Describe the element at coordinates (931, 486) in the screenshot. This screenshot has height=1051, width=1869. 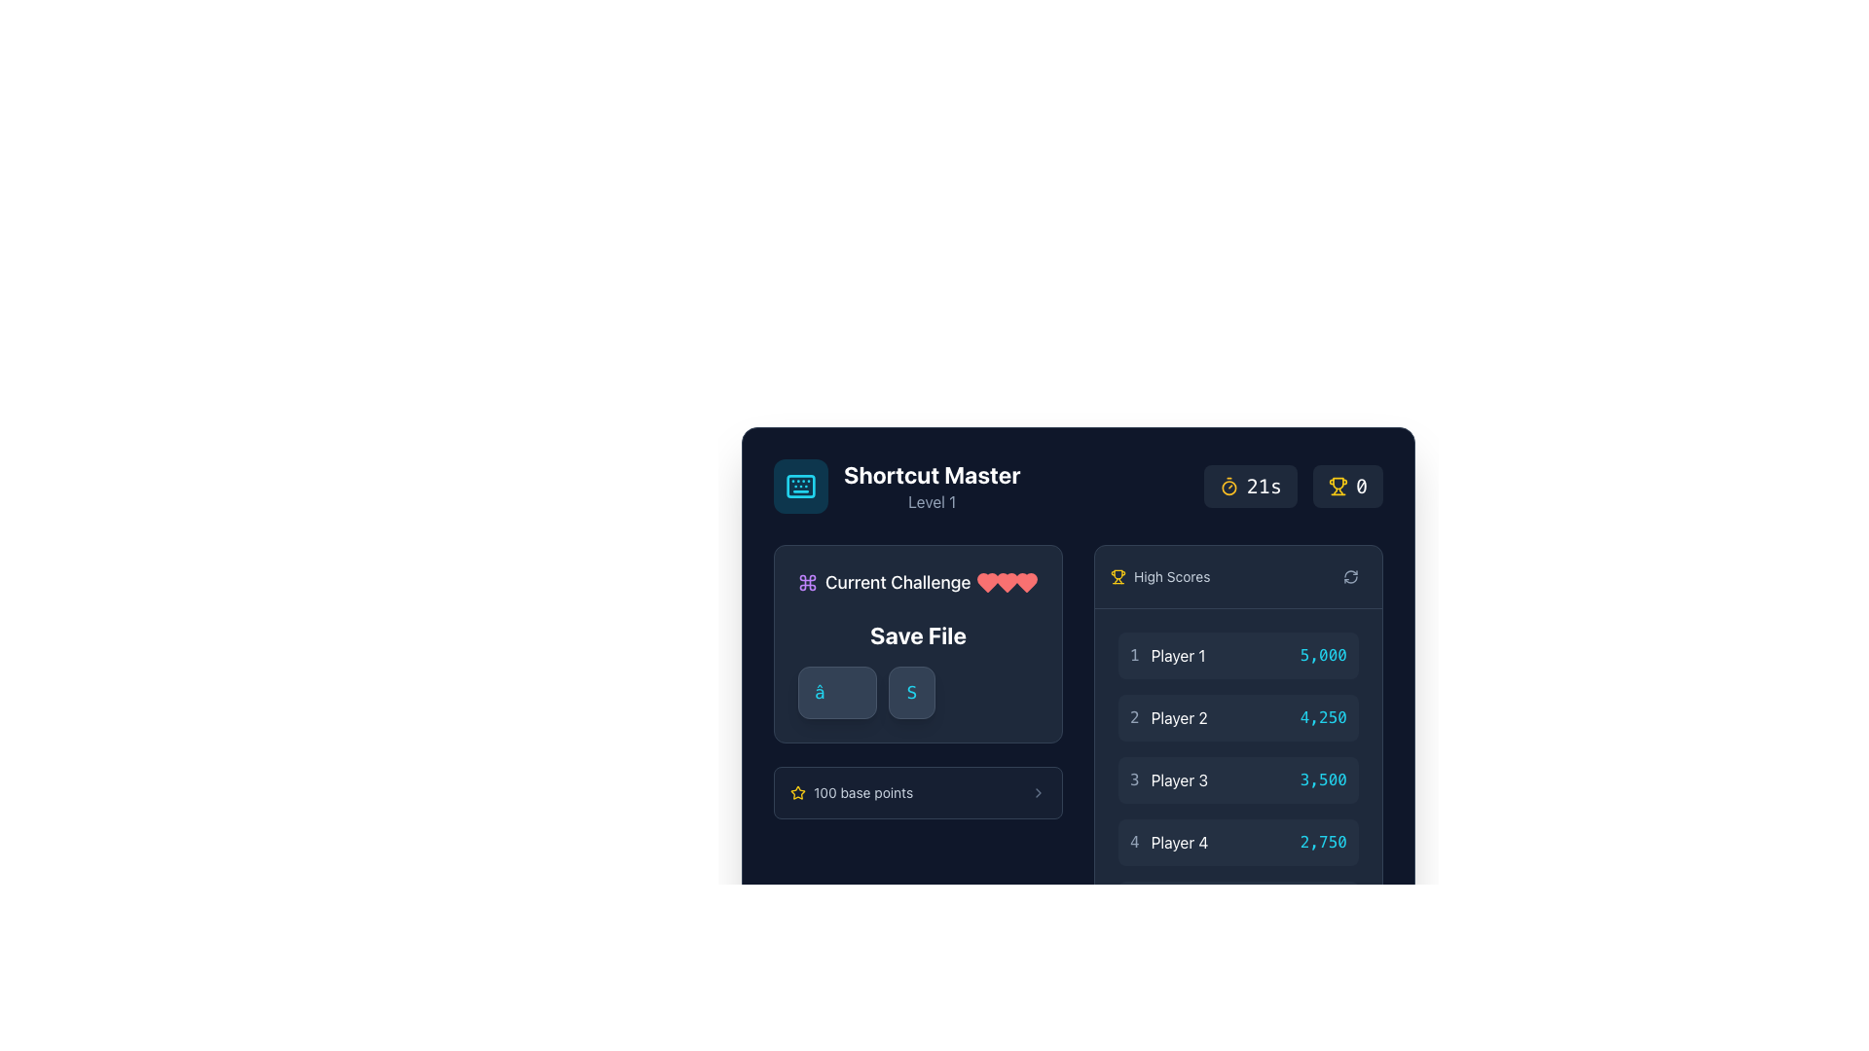
I see `displayed text of the header element labeled 'Shortcut Master' with the subtext 'Level 1', which is located to the right of a keyboard icon at the top-left section of the interface` at that location.